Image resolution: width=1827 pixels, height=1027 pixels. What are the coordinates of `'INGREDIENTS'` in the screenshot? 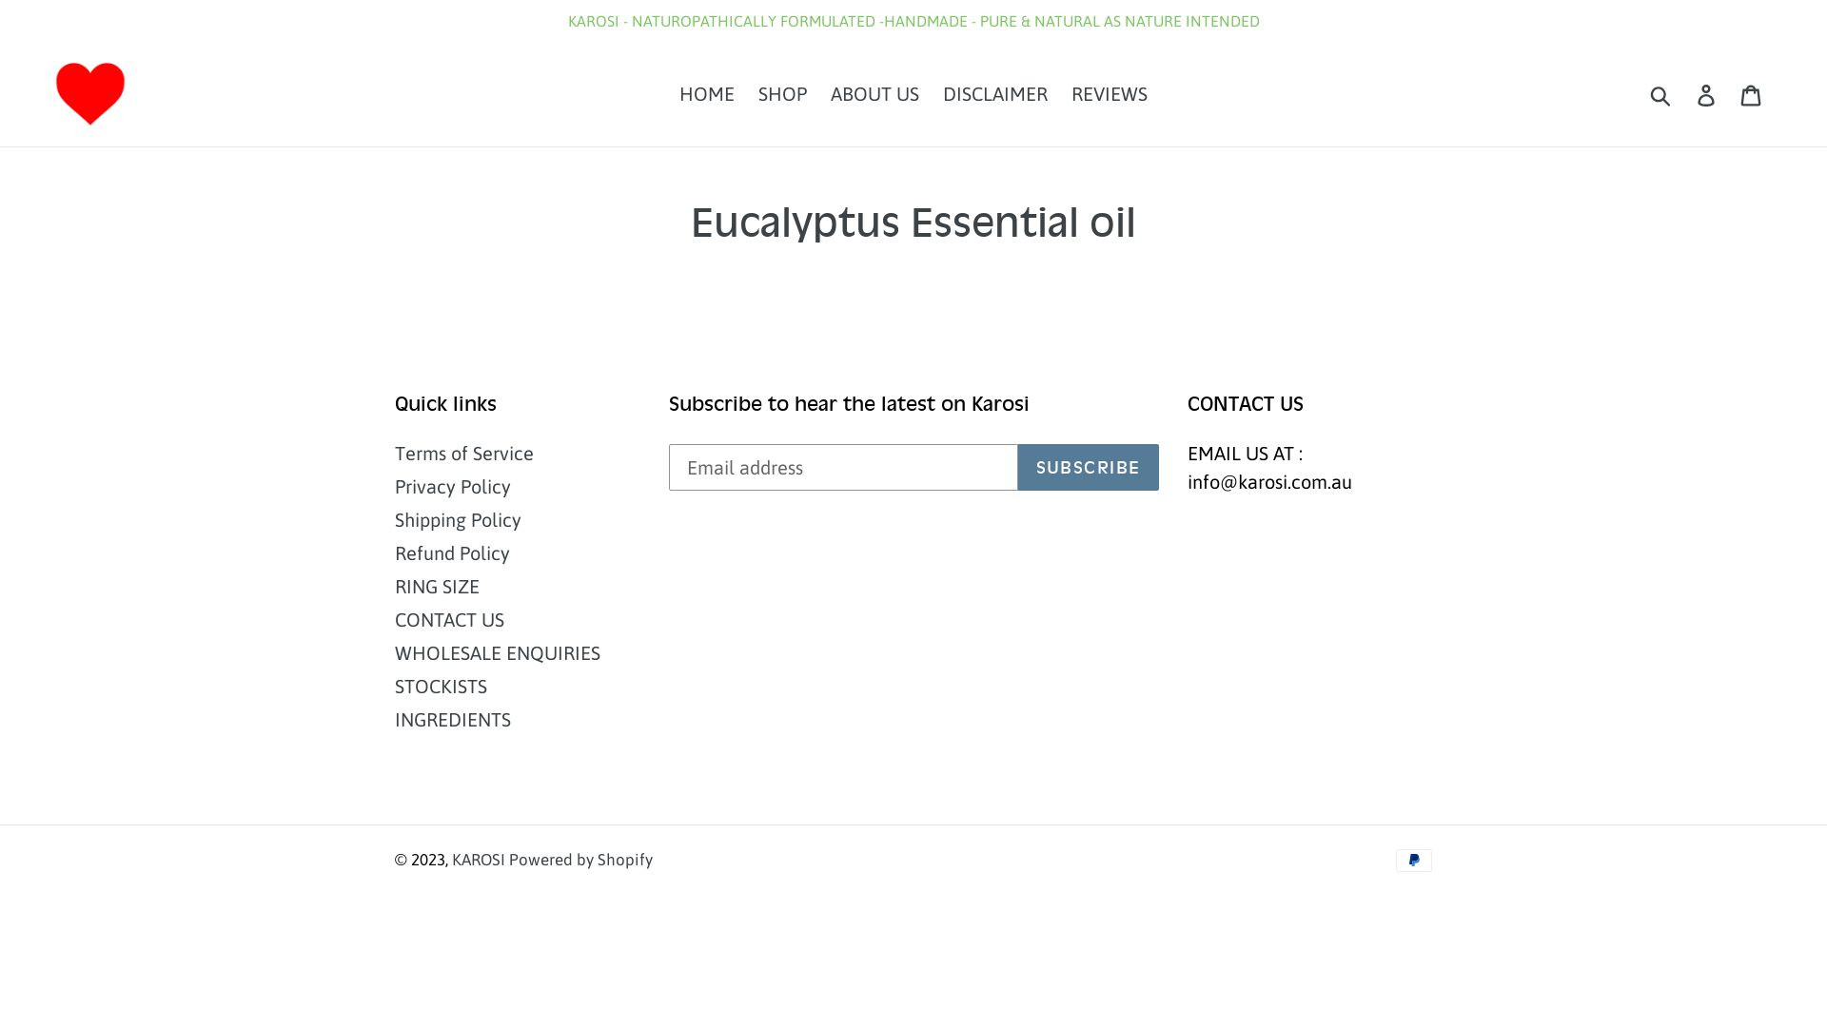 It's located at (393, 719).